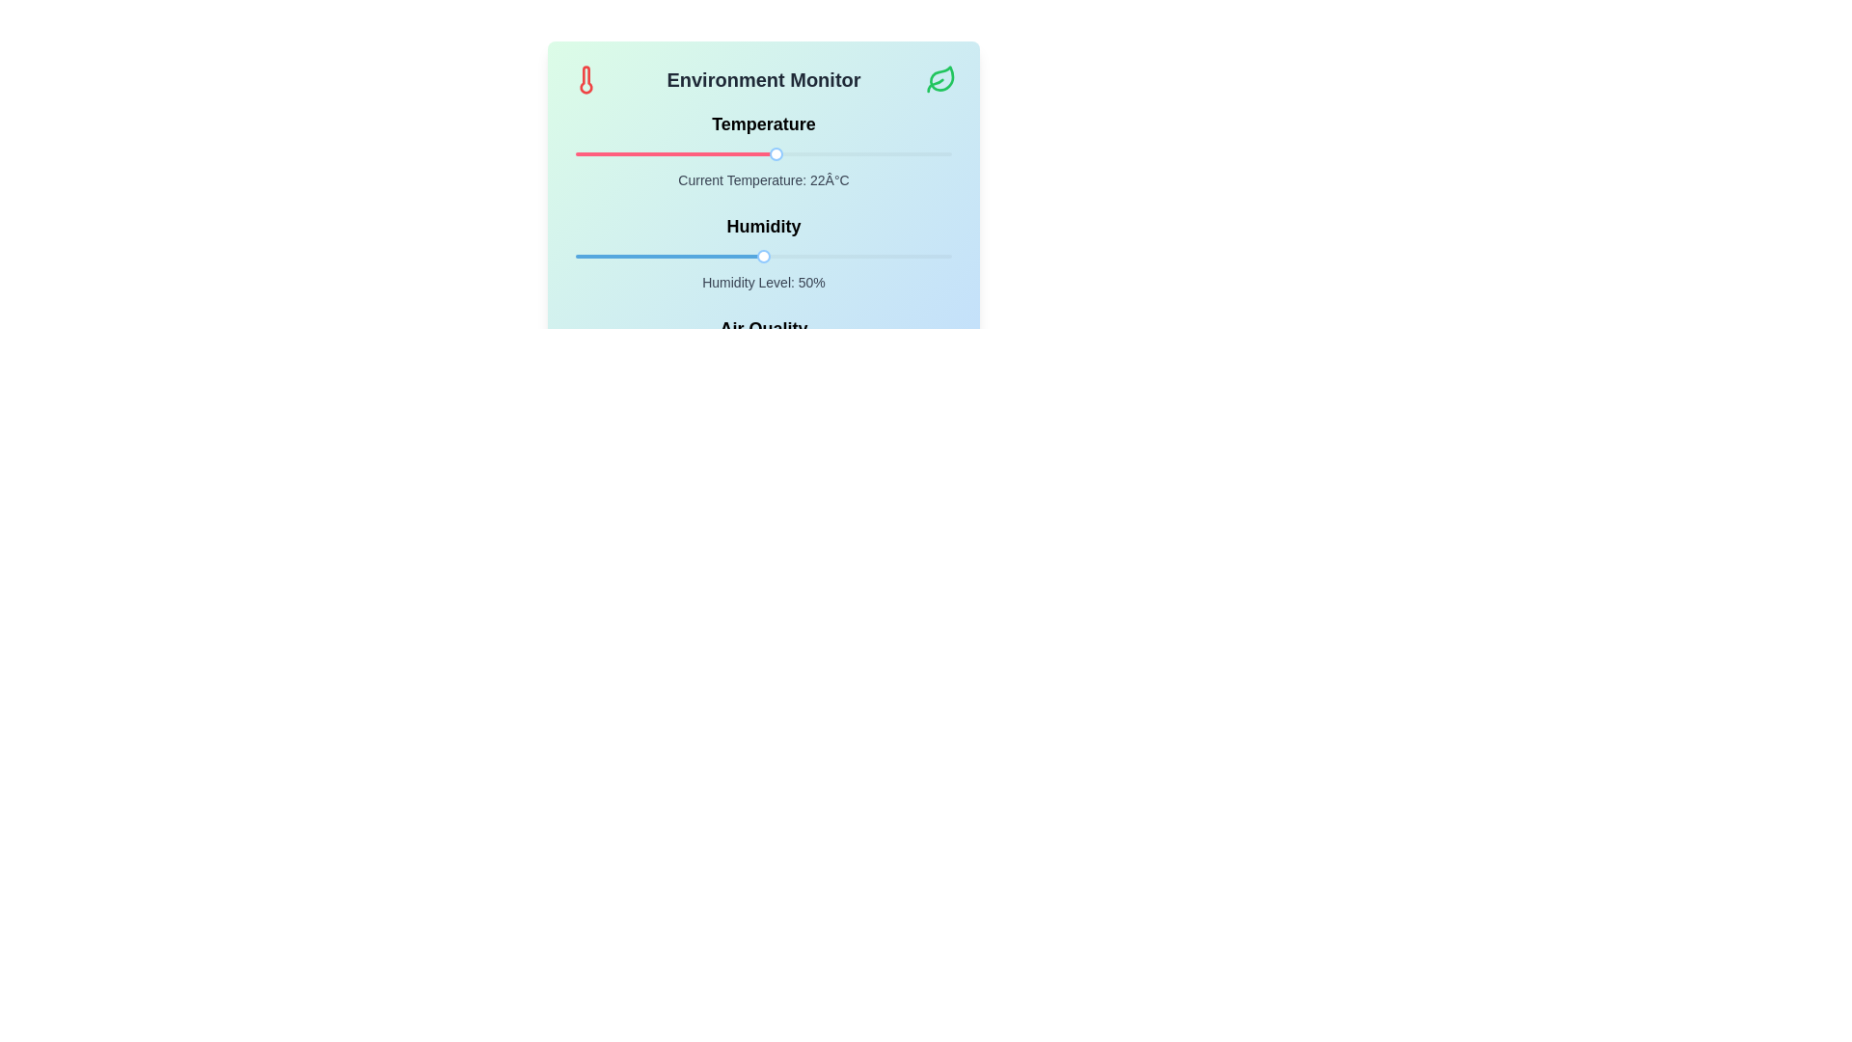 The image size is (1852, 1042). What do you see at coordinates (740, 256) in the screenshot?
I see `slider value` at bounding box center [740, 256].